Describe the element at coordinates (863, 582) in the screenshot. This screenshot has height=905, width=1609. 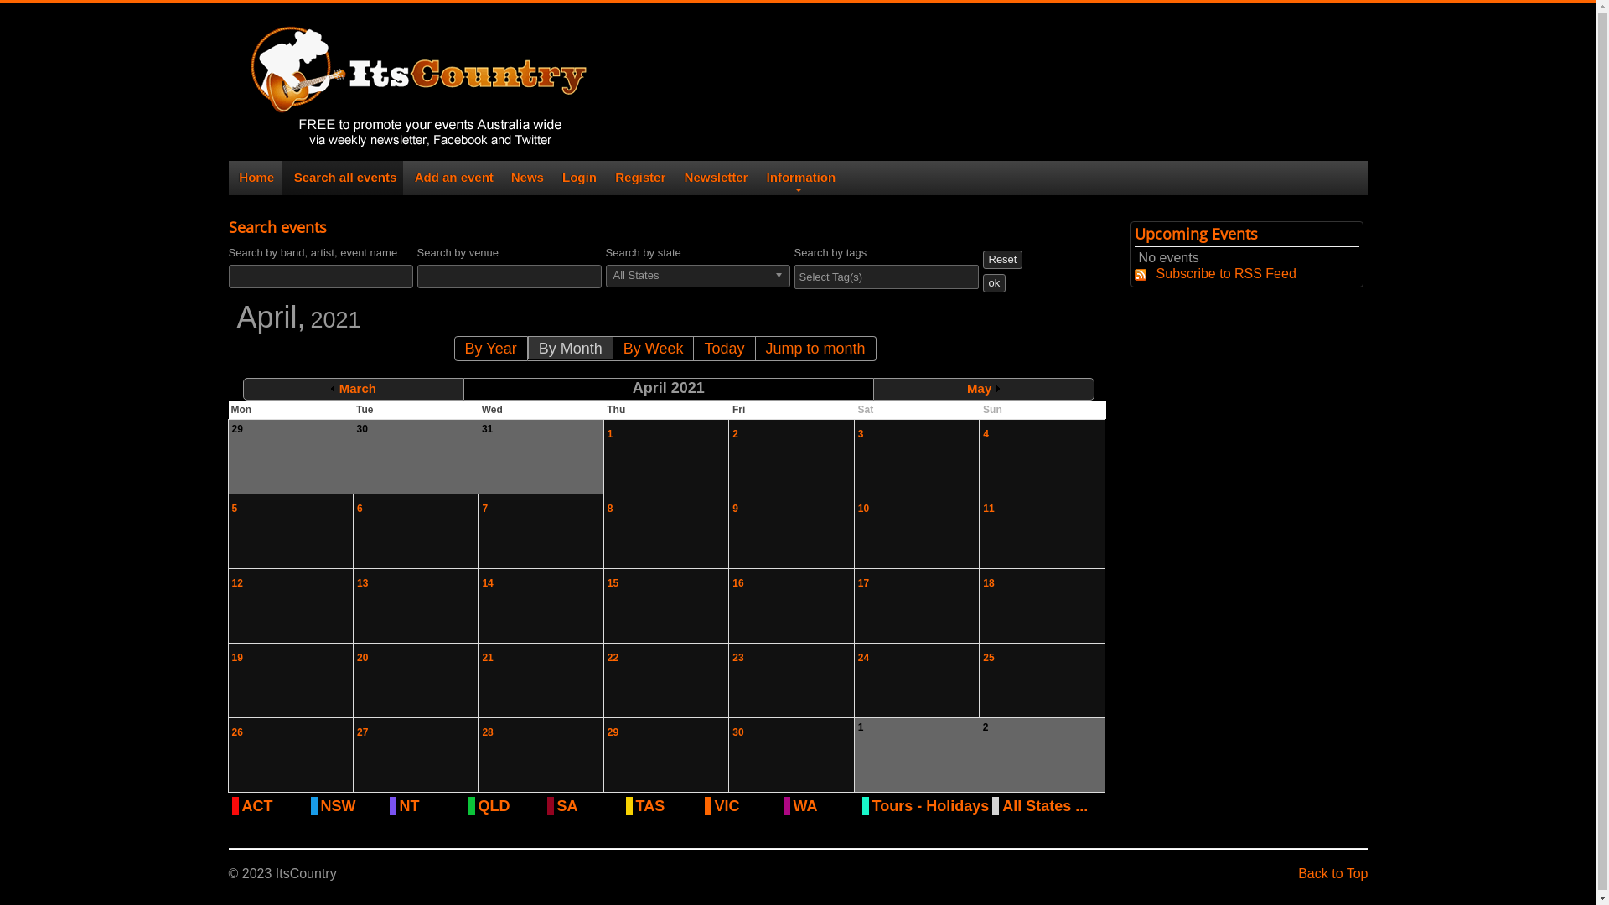
I see `'17'` at that location.